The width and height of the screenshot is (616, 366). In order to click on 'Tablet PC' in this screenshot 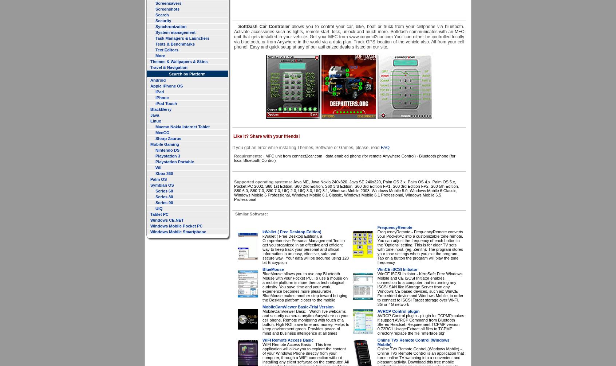, I will do `click(159, 214)`.